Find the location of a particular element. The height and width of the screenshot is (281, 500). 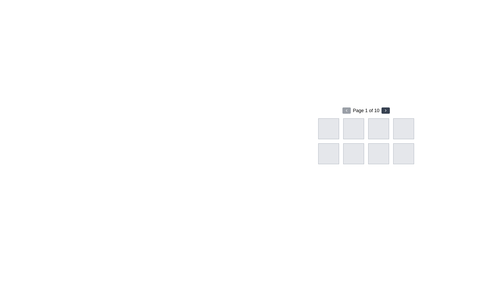

the non-interactive visual component located in the first row, second column of the grid layout is located at coordinates (354, 129).